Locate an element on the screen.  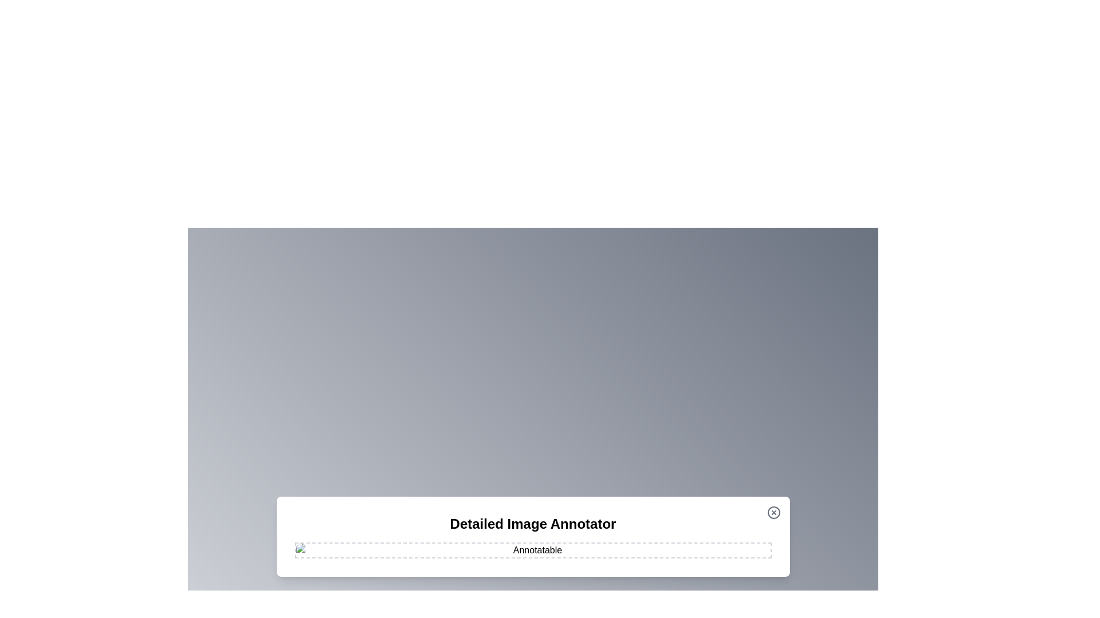
the image at coordinates (1106, 957) to add an annotation is located at coordinates (632, 546).